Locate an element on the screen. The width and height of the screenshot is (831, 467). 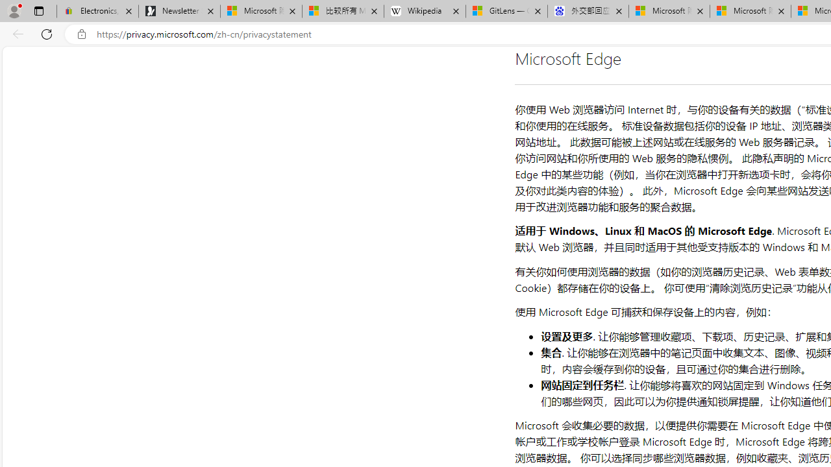
'Tab actions menu' is located at coordinates (38, 10).